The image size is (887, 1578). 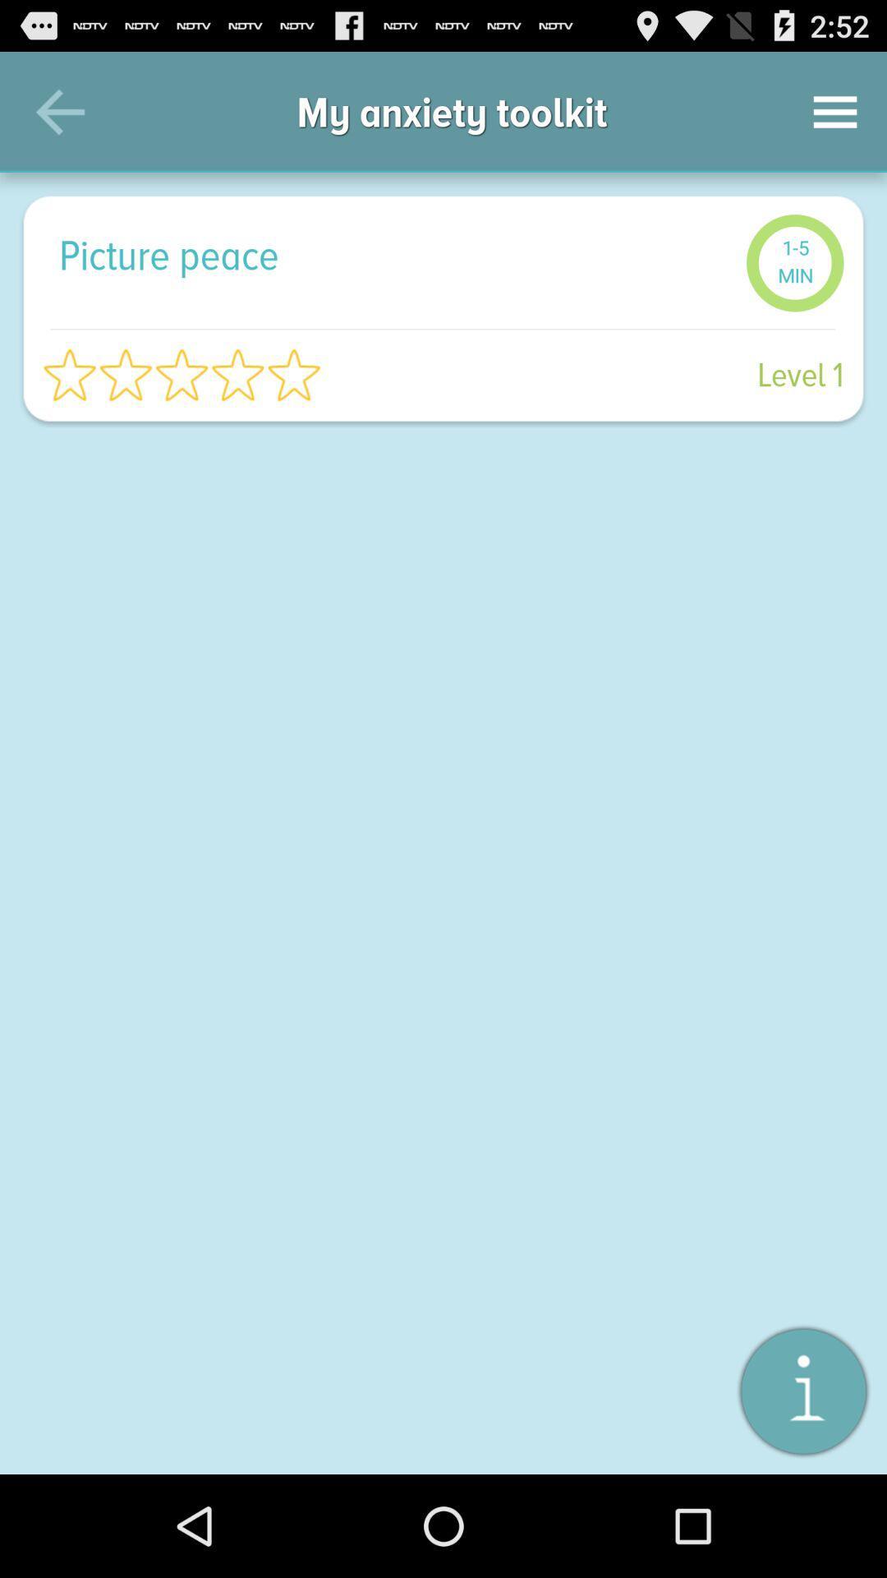 I want to click on info button, so click(x=802, y=1390).